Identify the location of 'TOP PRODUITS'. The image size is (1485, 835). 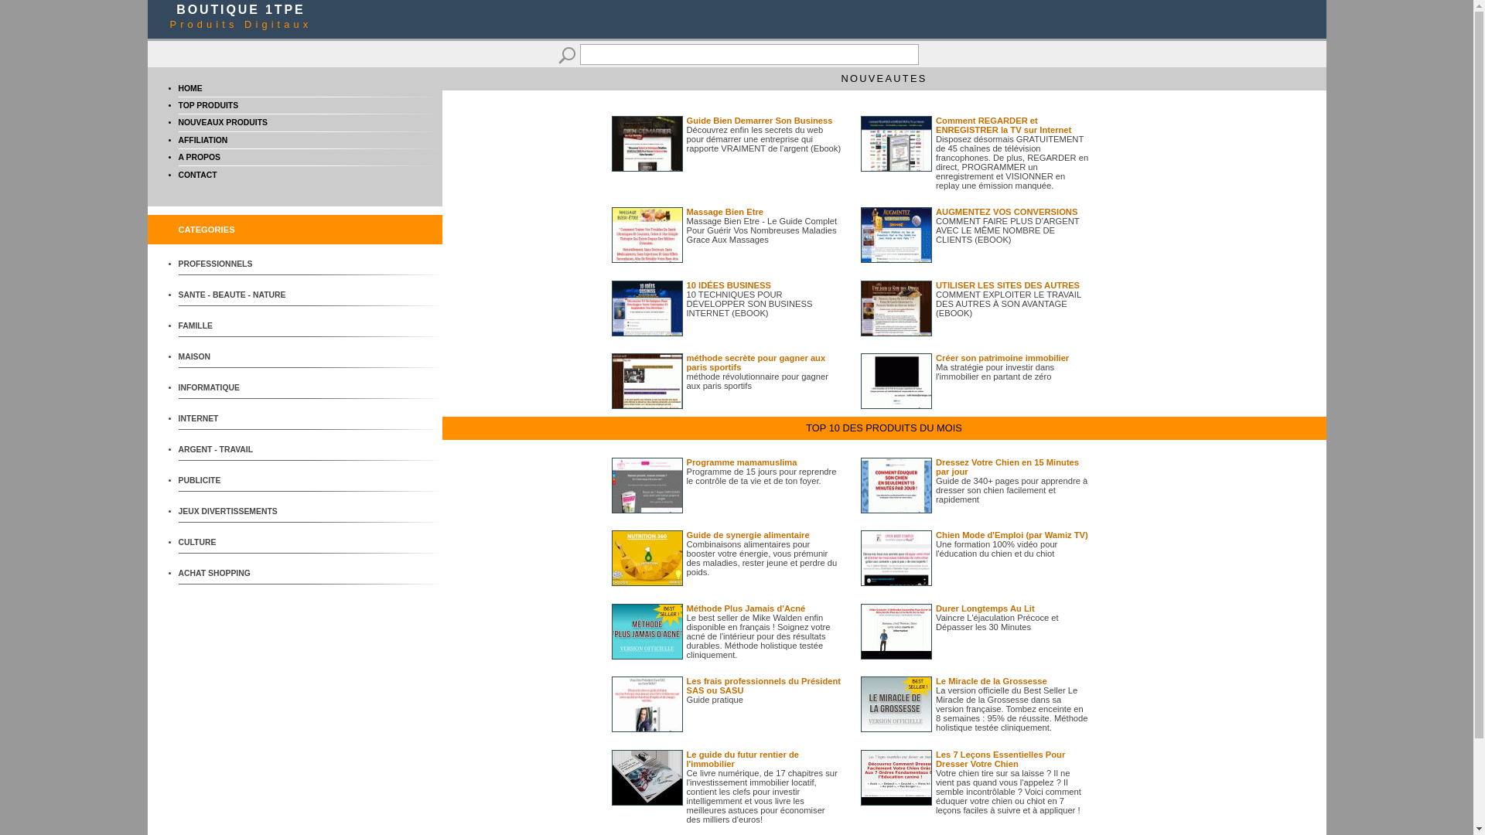
(207, 104).